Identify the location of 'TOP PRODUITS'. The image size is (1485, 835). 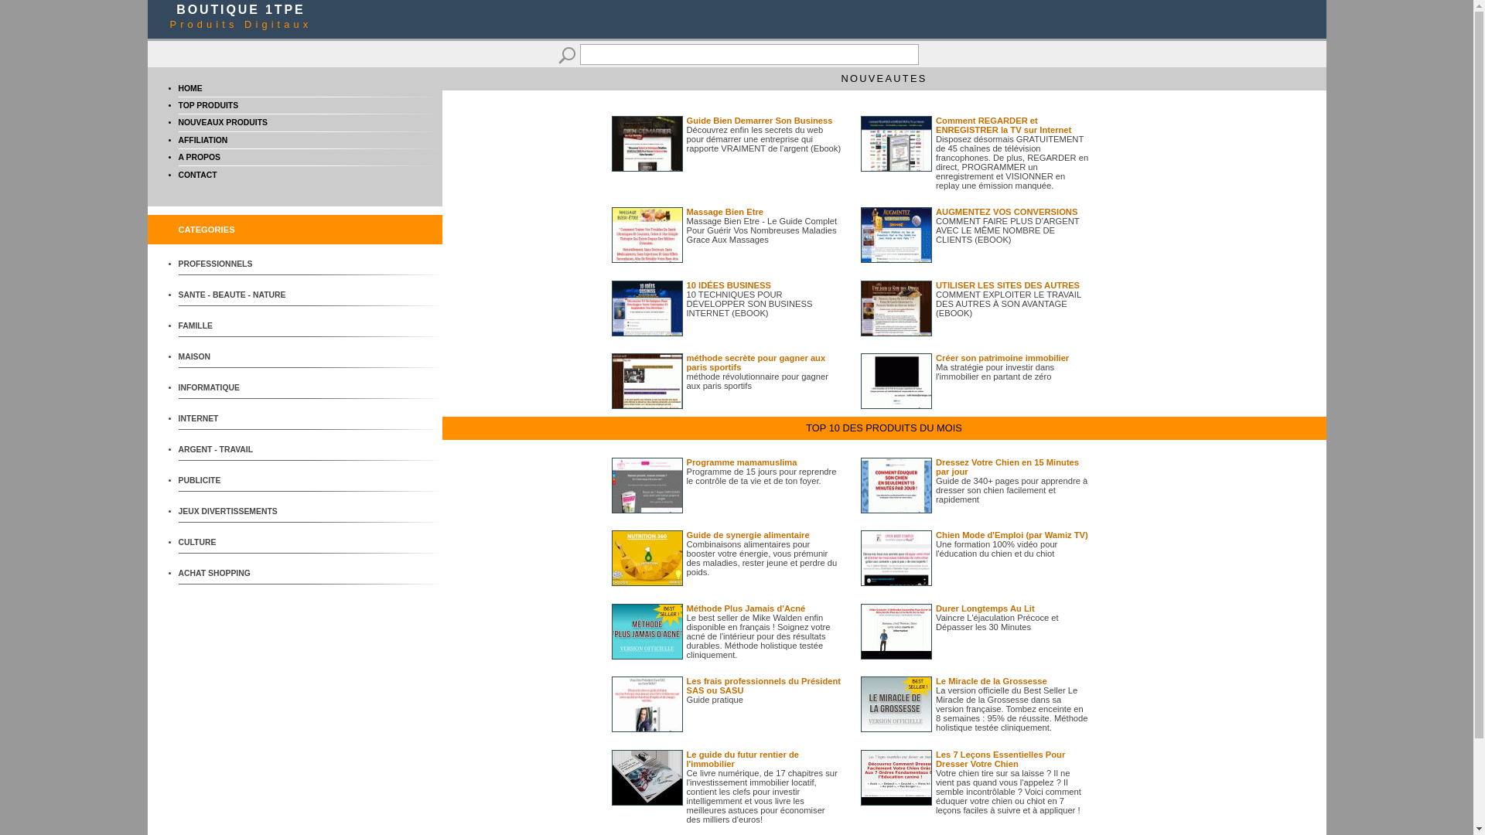
(207, 104).